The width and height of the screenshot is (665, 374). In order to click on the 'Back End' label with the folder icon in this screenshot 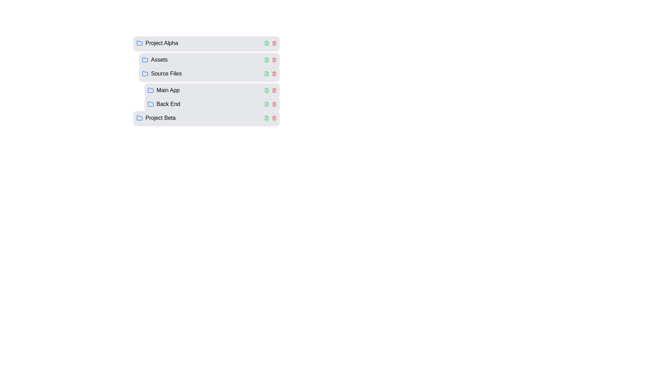, I will do `click(163, 104)`.